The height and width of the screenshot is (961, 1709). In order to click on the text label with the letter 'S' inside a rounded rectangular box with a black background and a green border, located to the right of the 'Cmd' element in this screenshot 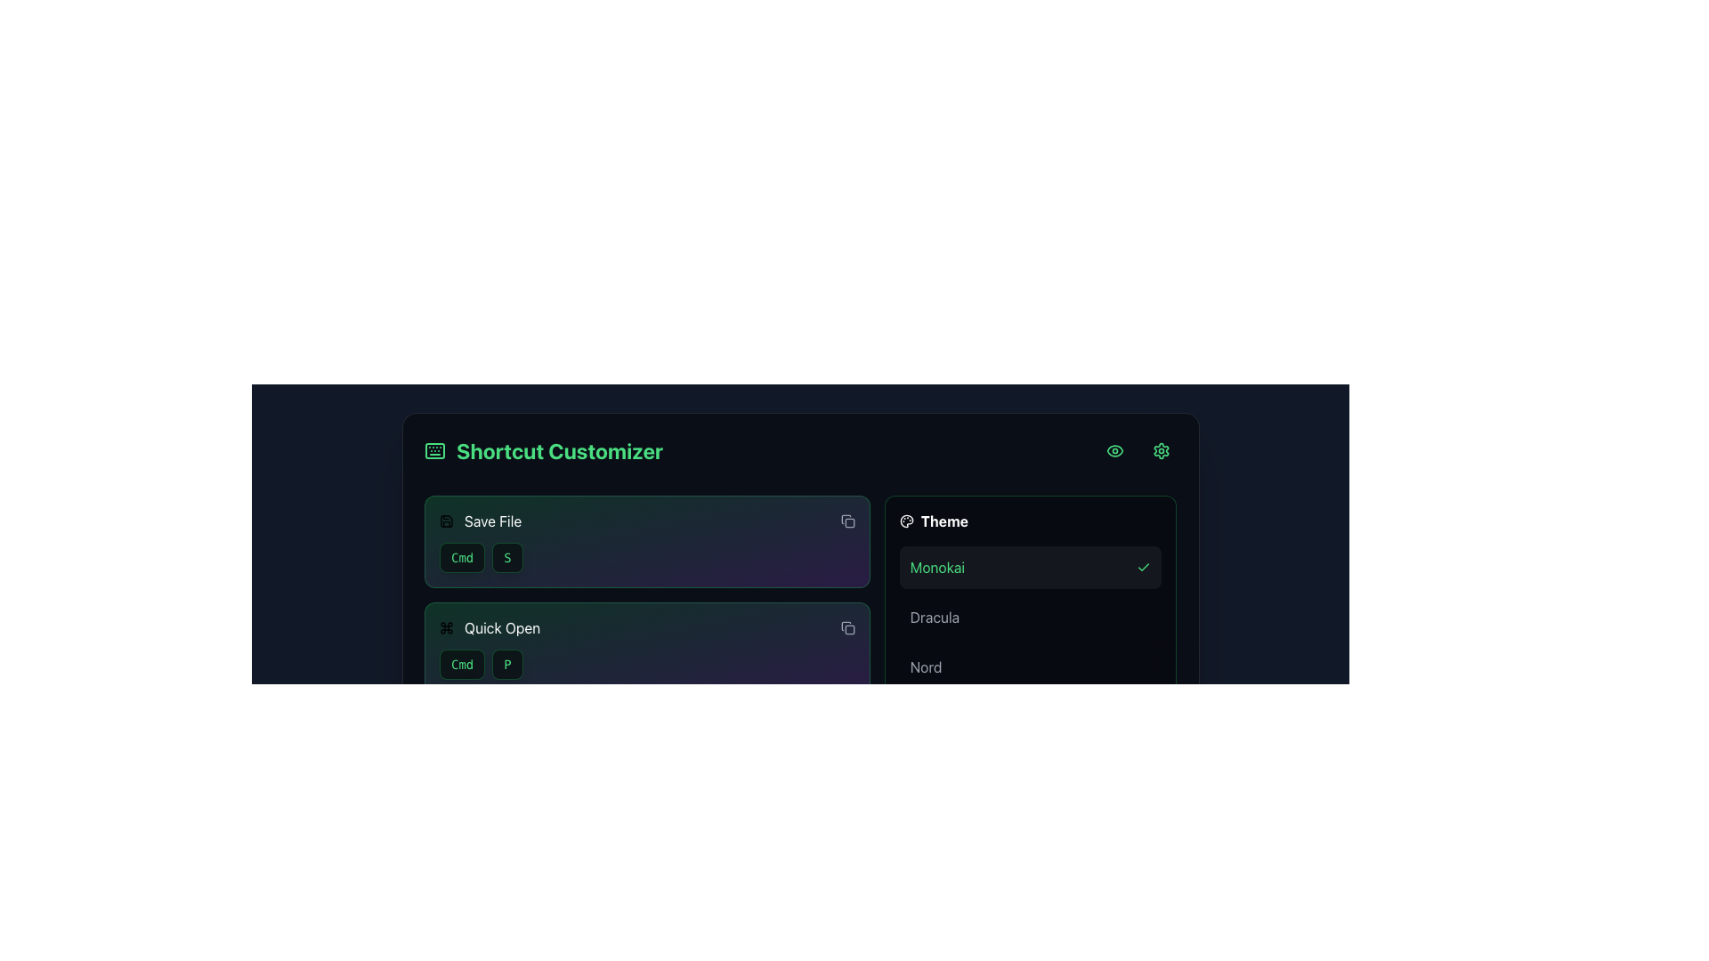, I will do `click(506, 557)`.